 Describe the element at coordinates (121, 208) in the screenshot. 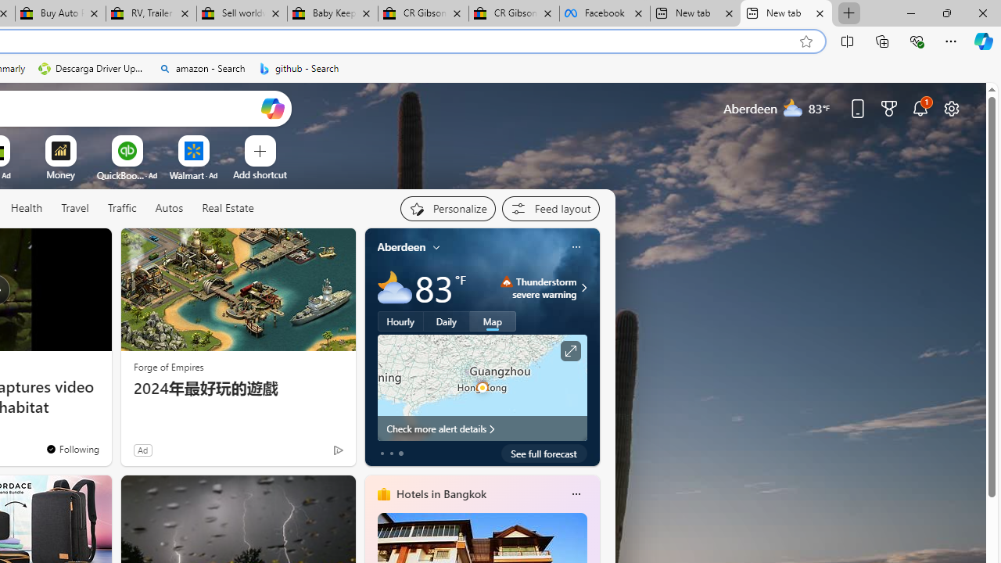

I see `'Traffic'` at that location.